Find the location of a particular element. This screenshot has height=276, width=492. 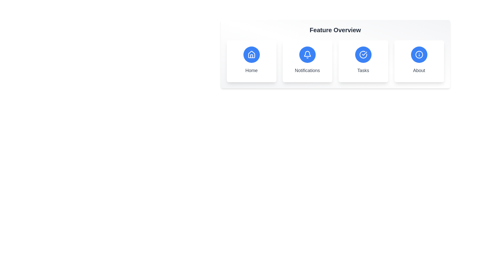

the circular button with a blue background and a white checkmark icon, located in the 'Tasks' card, to interact with the 'Tasks' feature is located at coordinates (363, 54).